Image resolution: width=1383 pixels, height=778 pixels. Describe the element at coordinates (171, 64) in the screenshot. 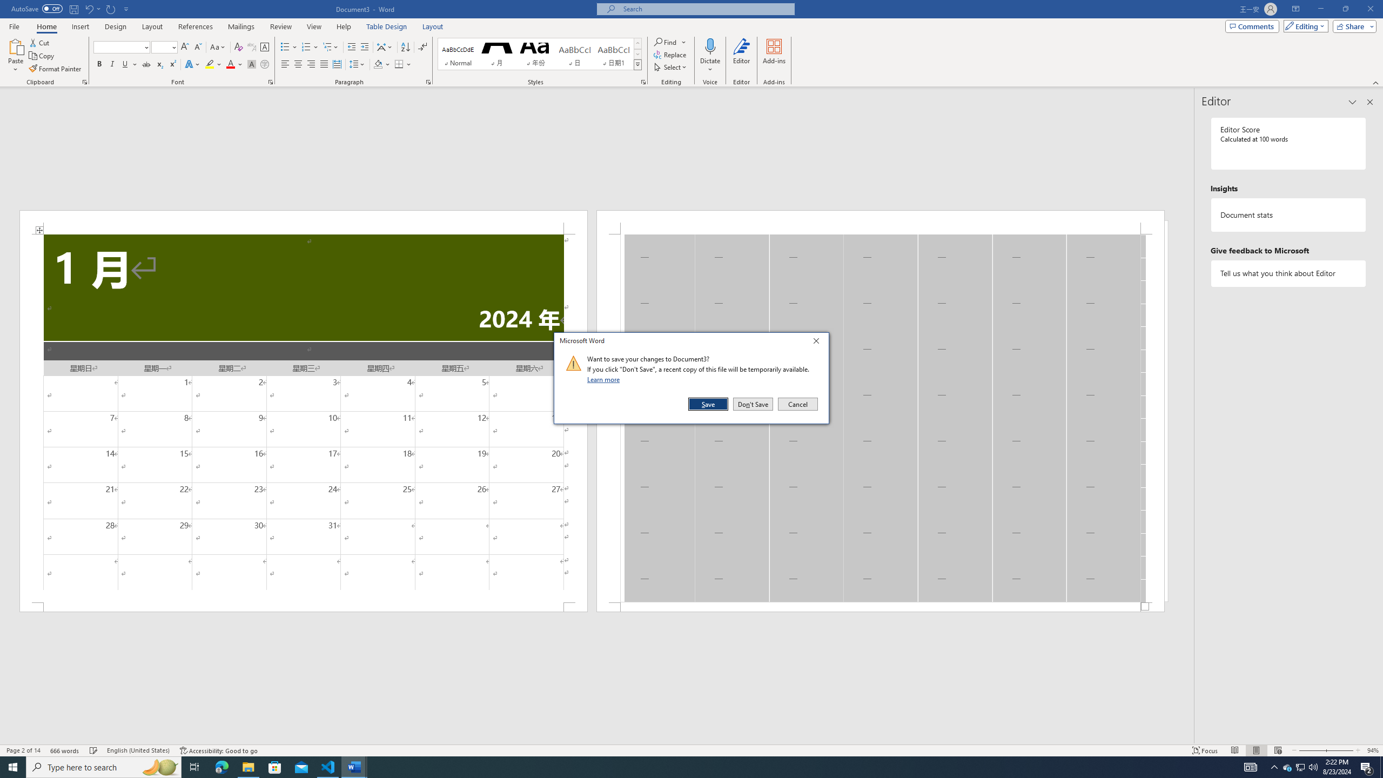

I see `'Superscript'` at that location.